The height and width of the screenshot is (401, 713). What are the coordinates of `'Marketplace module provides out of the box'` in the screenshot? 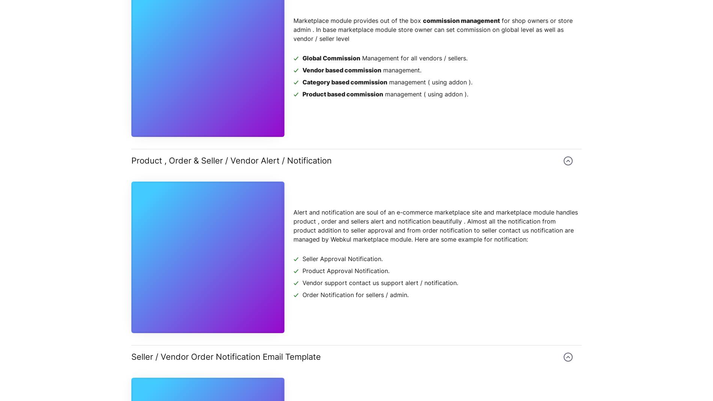 It's located at (358, 20).